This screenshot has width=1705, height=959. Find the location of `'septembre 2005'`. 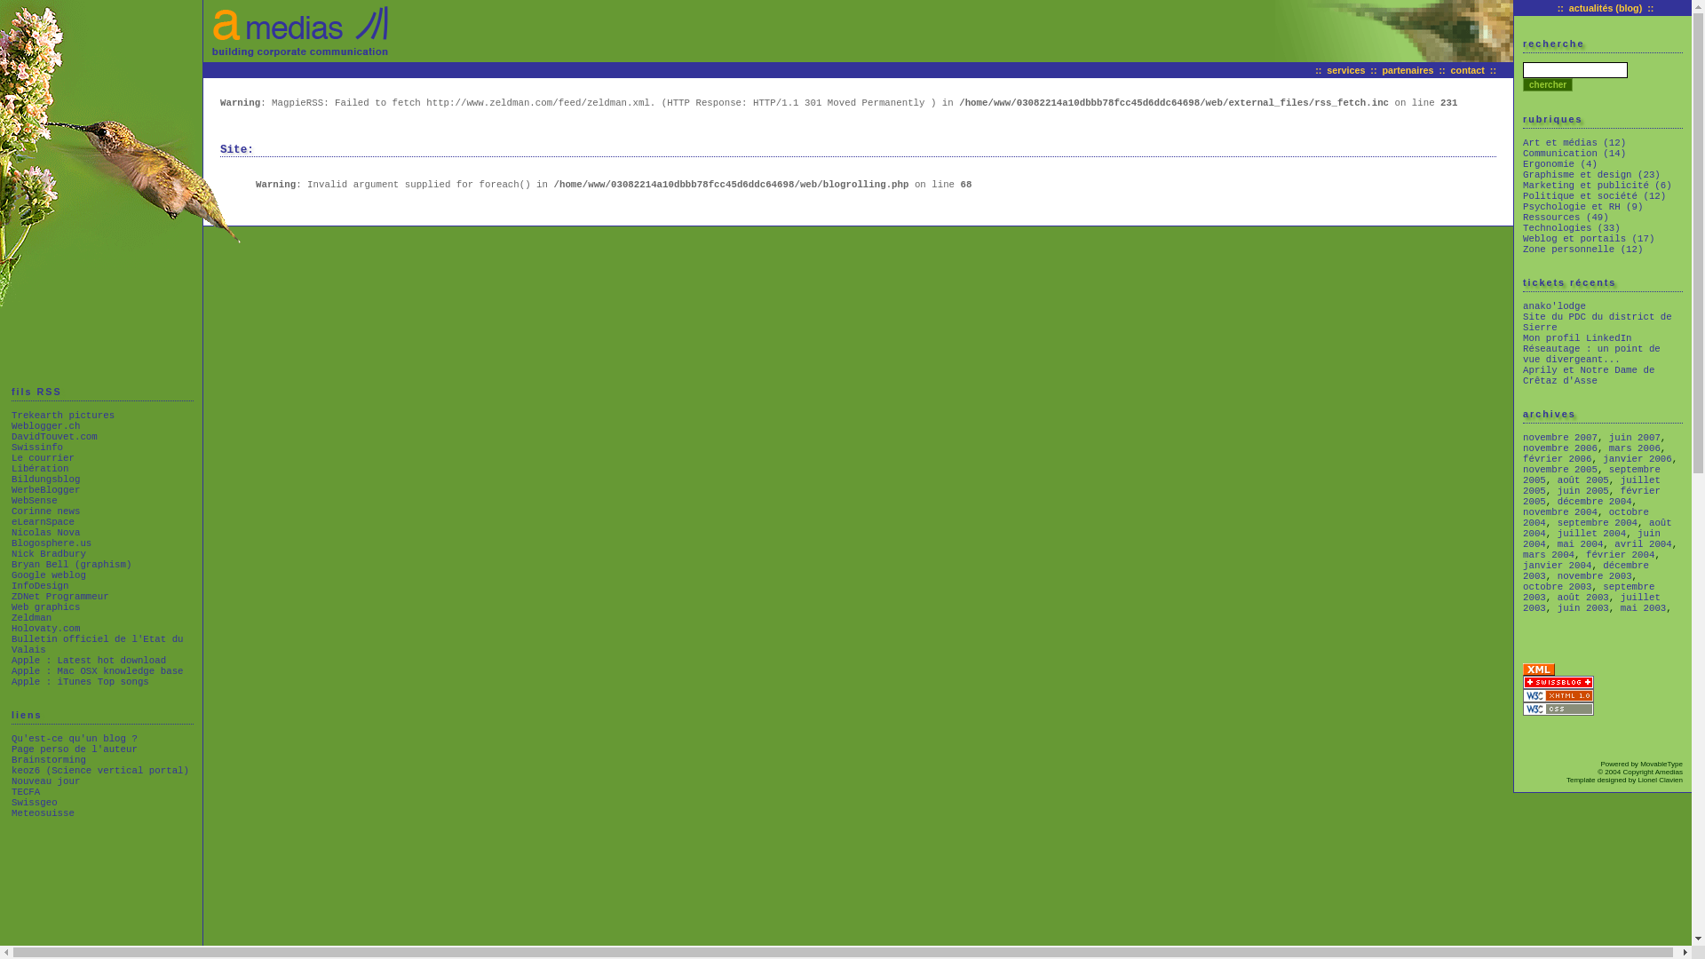

'septembre 2005' is located at coordinates (1591, 474).